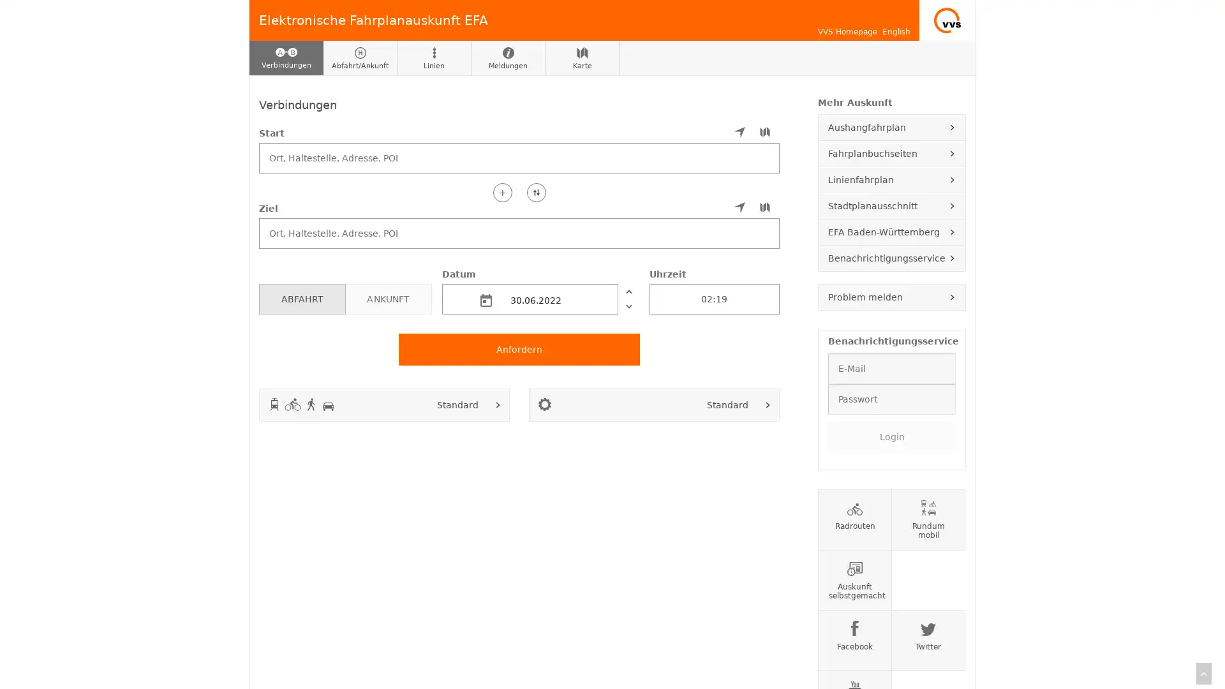 Image resolution: width=1225 pixels, height=689 pixels. Describe the element at coordinates (581, 58) in the screenshot. I see `Karte` at that location.